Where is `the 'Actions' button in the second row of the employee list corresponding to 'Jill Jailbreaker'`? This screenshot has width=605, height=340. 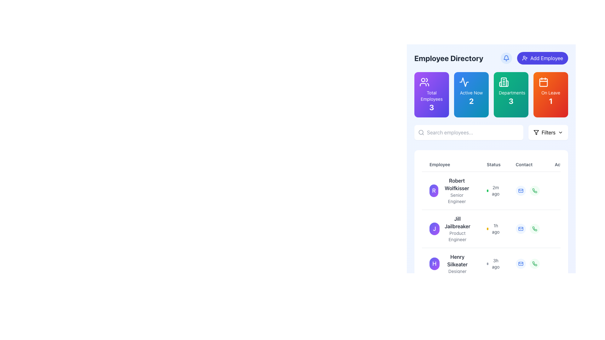 the 'Actions' button in the second row of the employee list corresponding to 'Jill Jailbreaker' is located at coordinates (562, 229).